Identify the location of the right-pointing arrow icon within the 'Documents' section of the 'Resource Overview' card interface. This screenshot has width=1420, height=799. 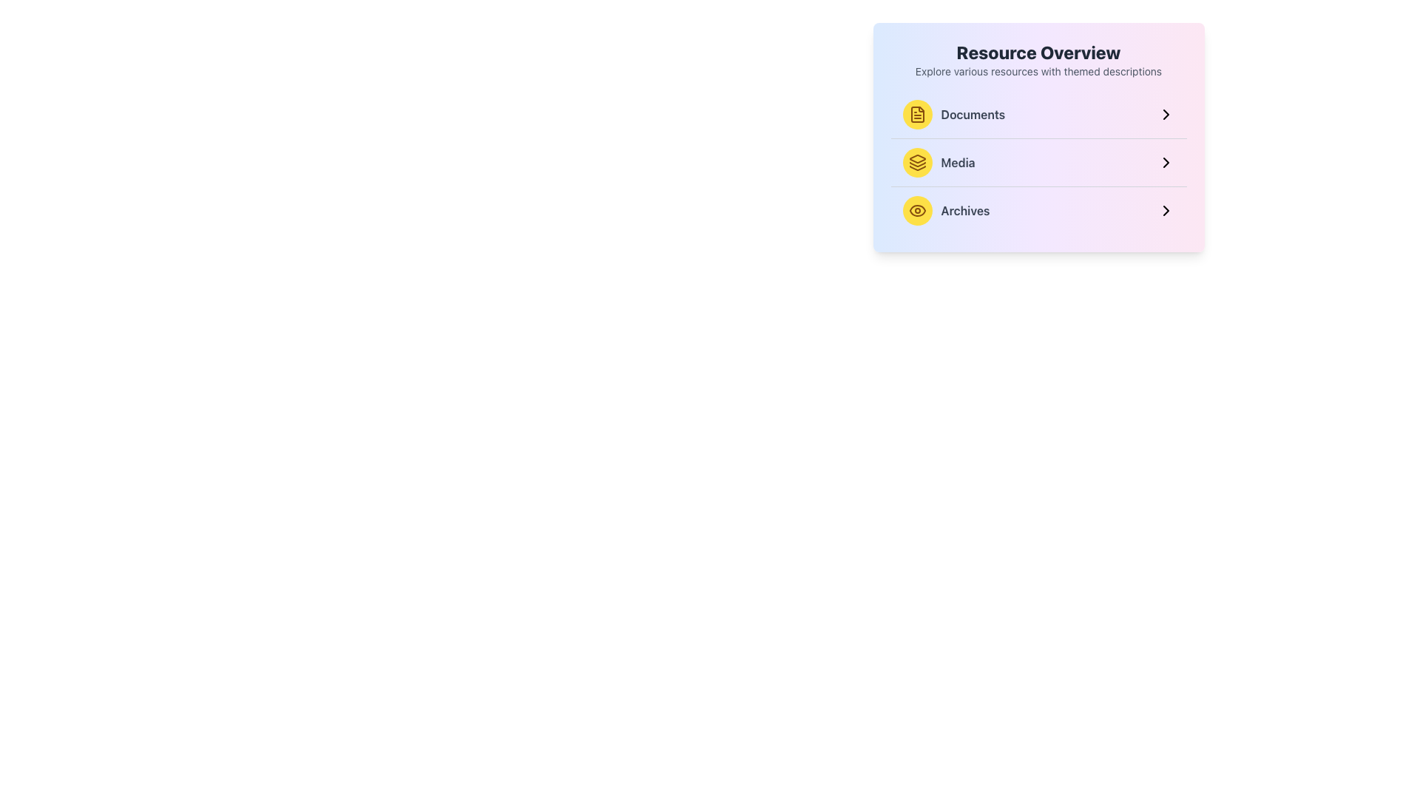
(1165, 113).